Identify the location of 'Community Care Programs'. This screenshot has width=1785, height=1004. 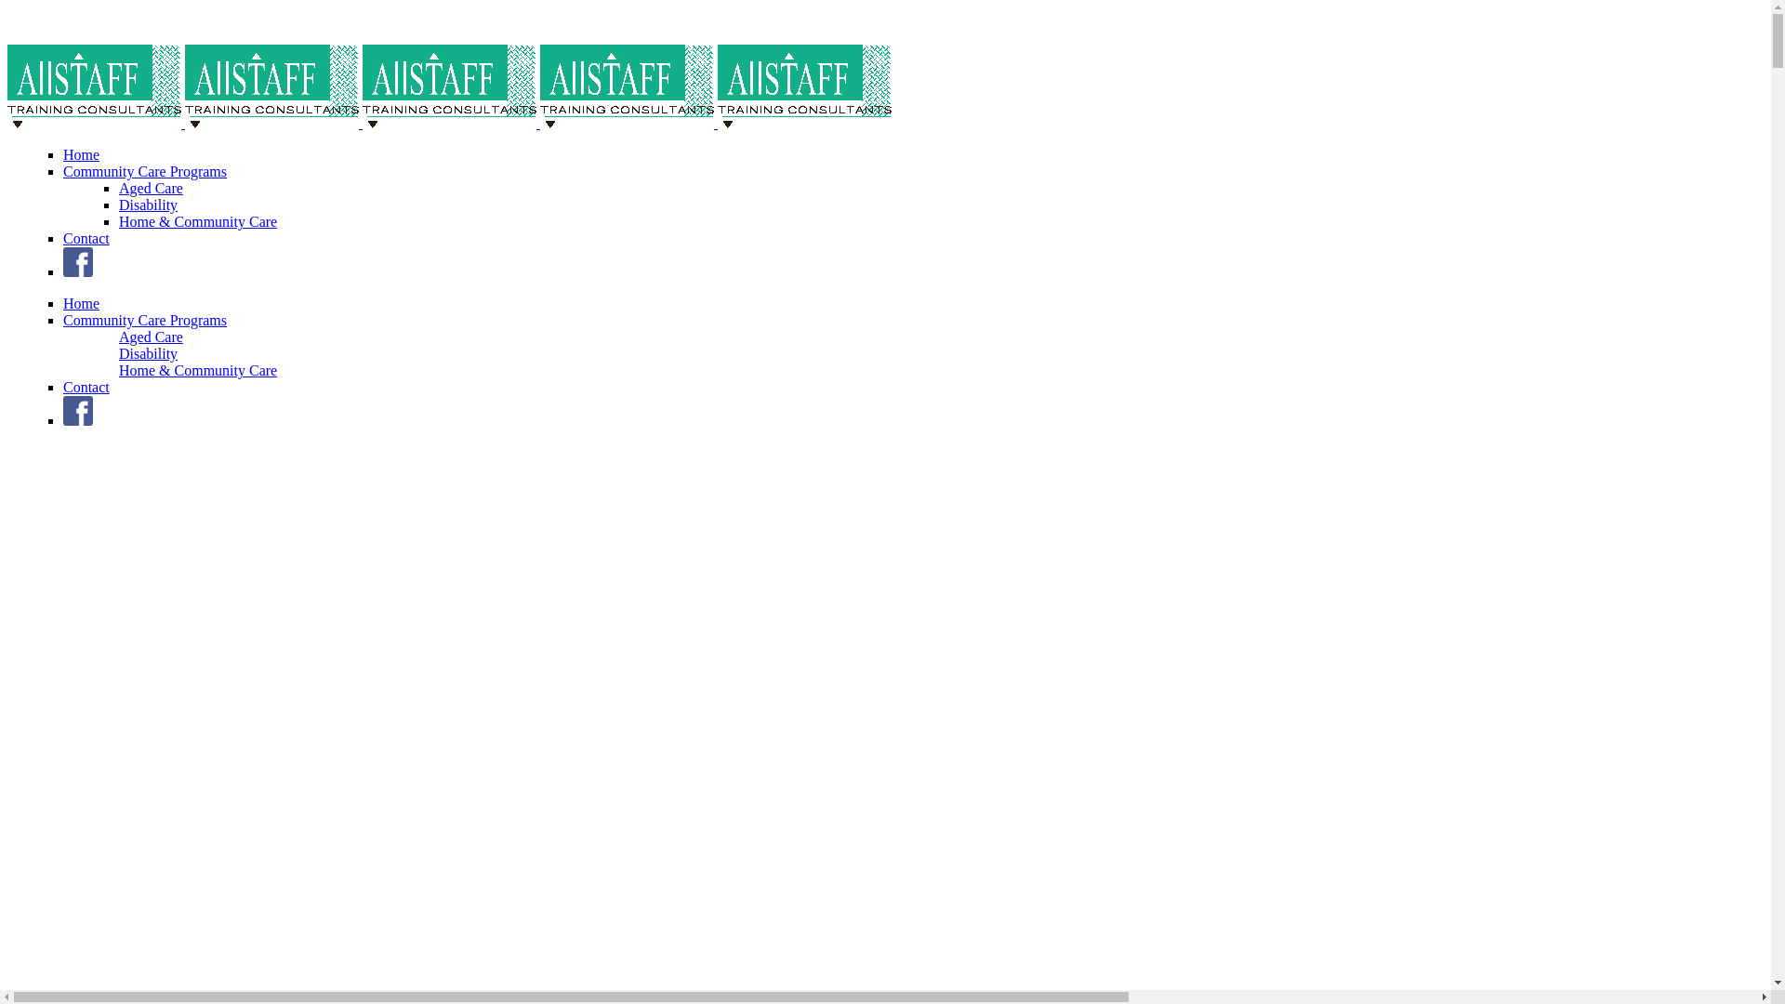
(143, 171).